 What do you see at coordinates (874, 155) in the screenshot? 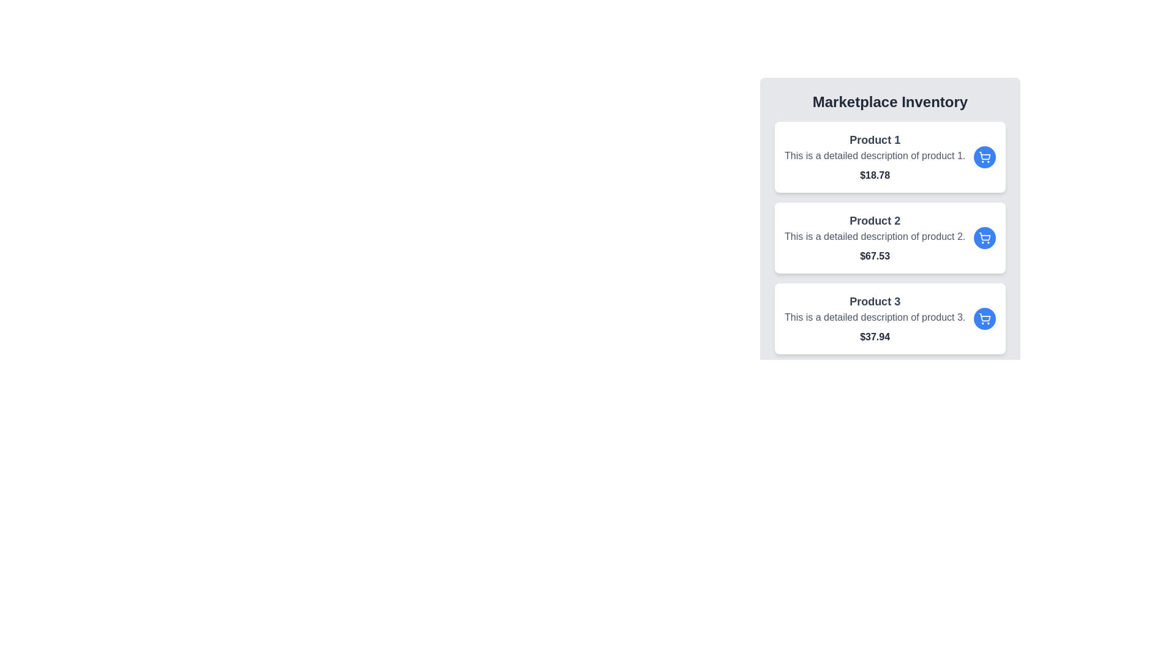
I see `the gray text that reads 'This is a detailed description of product 1', which is positioned below the title 'Product 1' and above the price '$18.78'` at bounding box center [874, 155].